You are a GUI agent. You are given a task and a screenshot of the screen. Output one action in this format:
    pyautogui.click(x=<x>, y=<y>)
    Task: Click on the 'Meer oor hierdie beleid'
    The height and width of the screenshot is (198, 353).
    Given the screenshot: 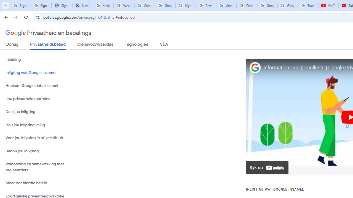 What is the action you would take?
    pyautogui.click(x=42, y=183)
    